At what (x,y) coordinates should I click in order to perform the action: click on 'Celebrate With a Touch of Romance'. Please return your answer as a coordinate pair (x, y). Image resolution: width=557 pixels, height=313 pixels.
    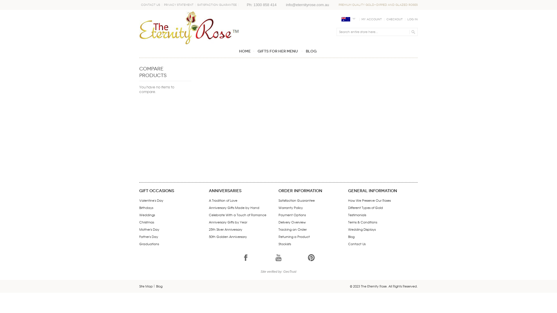
    Looking at the image, I should click on (238, 215).